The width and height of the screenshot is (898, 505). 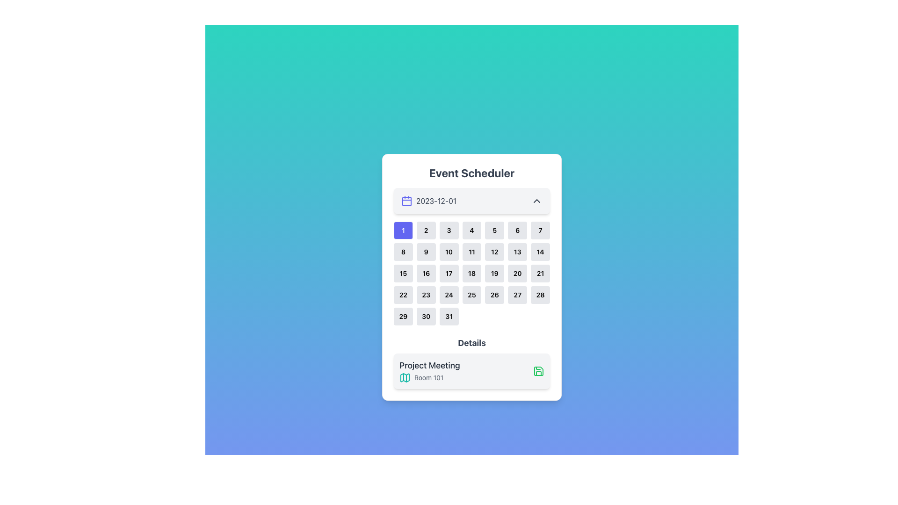 I want to click on the rounded button with a light gray background and black centered text displaying the number '11', so click(x=471, y=252).